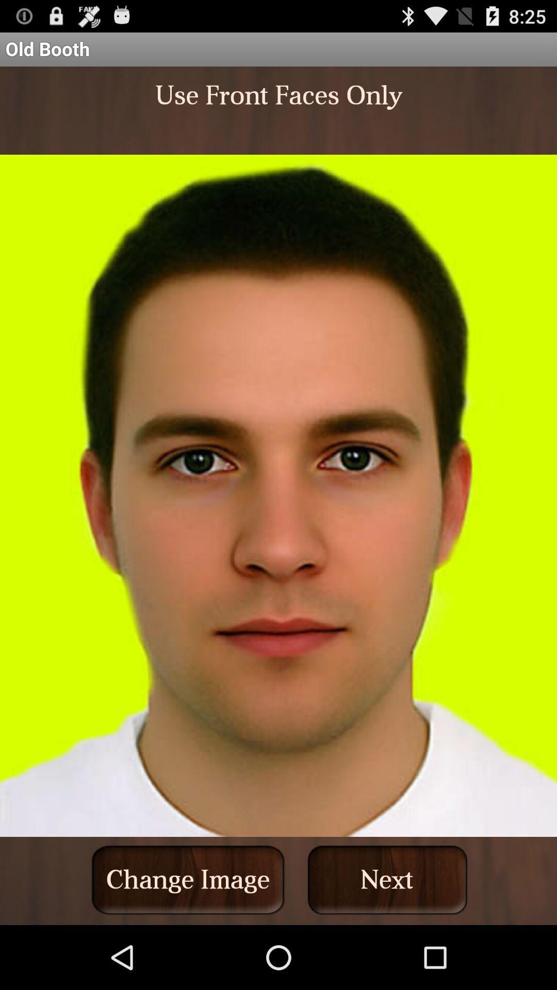  Describe the element at coordinates (387, 879) in the screenshot. I see `the icon below the use front faces icon` at that location.